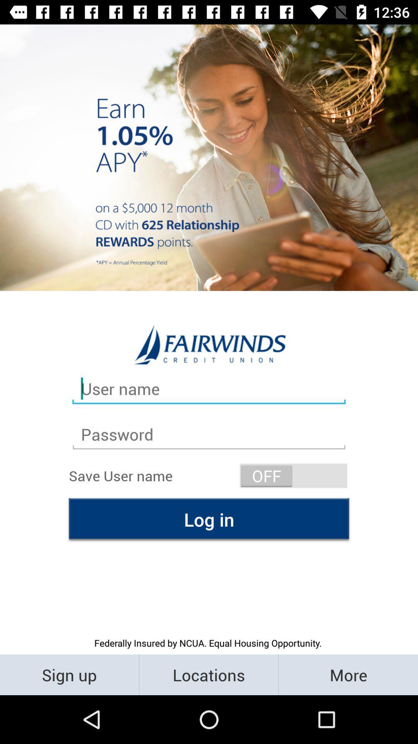  I want to click on a text field with text password on a page, so click(209, 434).